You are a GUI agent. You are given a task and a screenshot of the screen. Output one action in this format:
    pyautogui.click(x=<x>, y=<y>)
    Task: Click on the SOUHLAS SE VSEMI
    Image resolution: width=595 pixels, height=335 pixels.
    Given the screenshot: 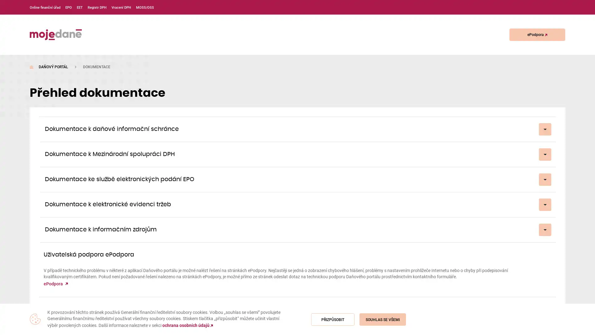 What is the action you would take?
    pyautogui.click(x=382, y=319)
    